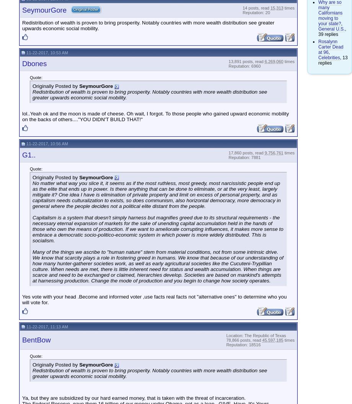  I want to click on ', 13 replies', so click(332, 60).